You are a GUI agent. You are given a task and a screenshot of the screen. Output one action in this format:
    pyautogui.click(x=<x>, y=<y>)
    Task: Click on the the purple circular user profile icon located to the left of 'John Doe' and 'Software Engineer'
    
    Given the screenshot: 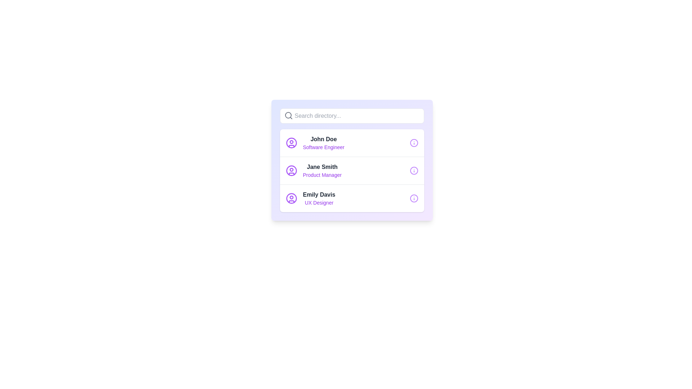 What is the action you would take?
    pyautogui.click(x=291, y=143)
    